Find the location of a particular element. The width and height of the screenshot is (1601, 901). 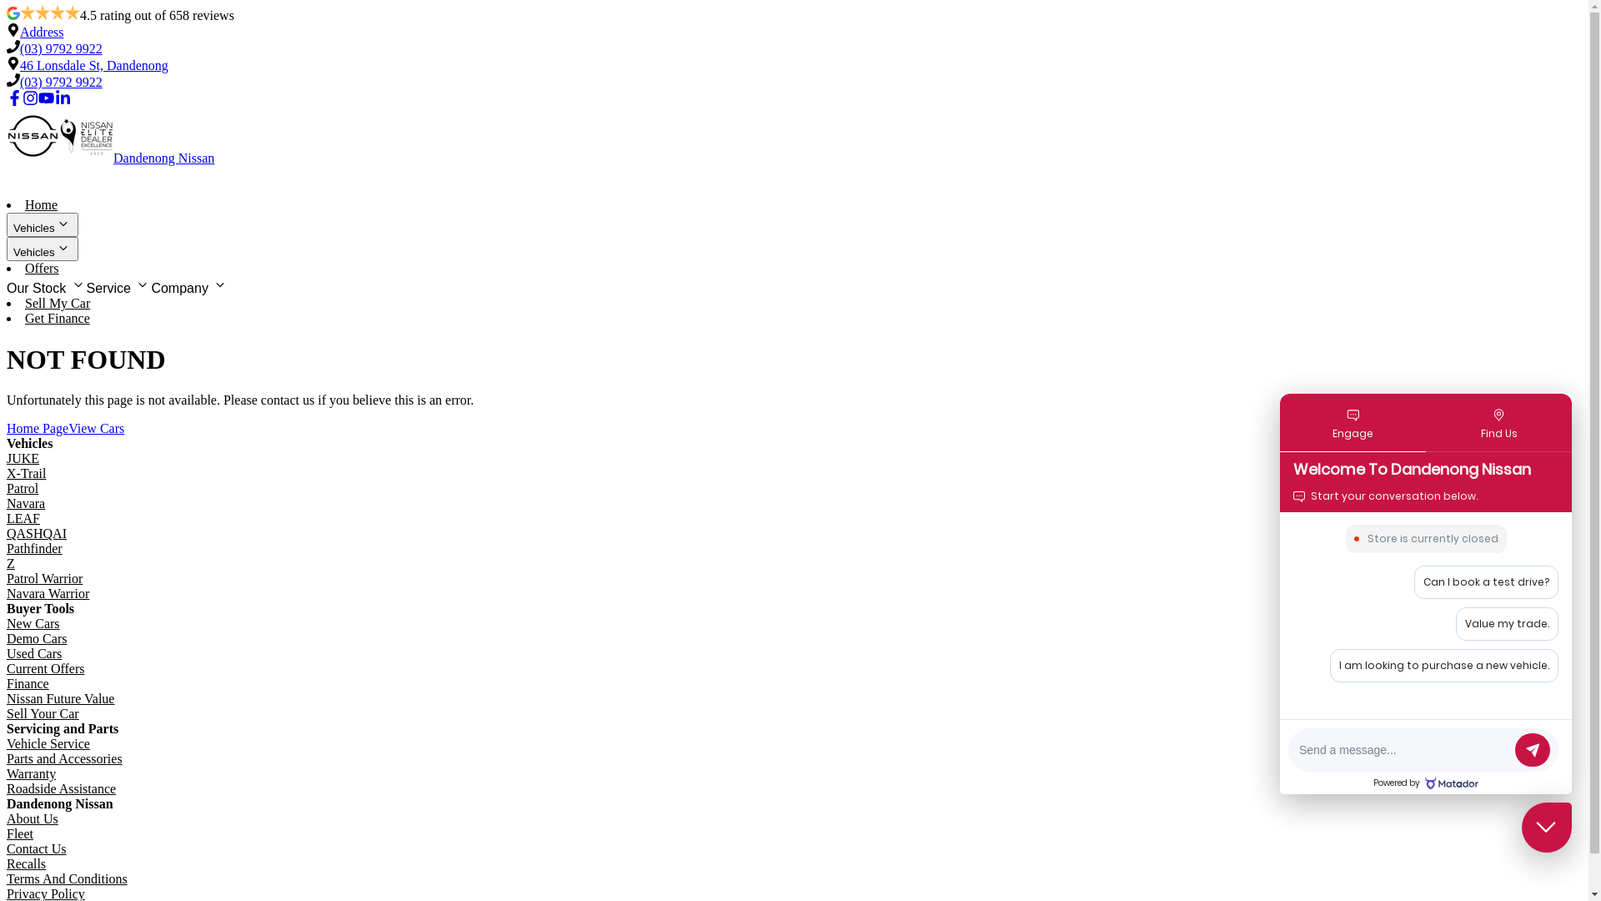

'Patrol' is located at coordinates (23, 488).